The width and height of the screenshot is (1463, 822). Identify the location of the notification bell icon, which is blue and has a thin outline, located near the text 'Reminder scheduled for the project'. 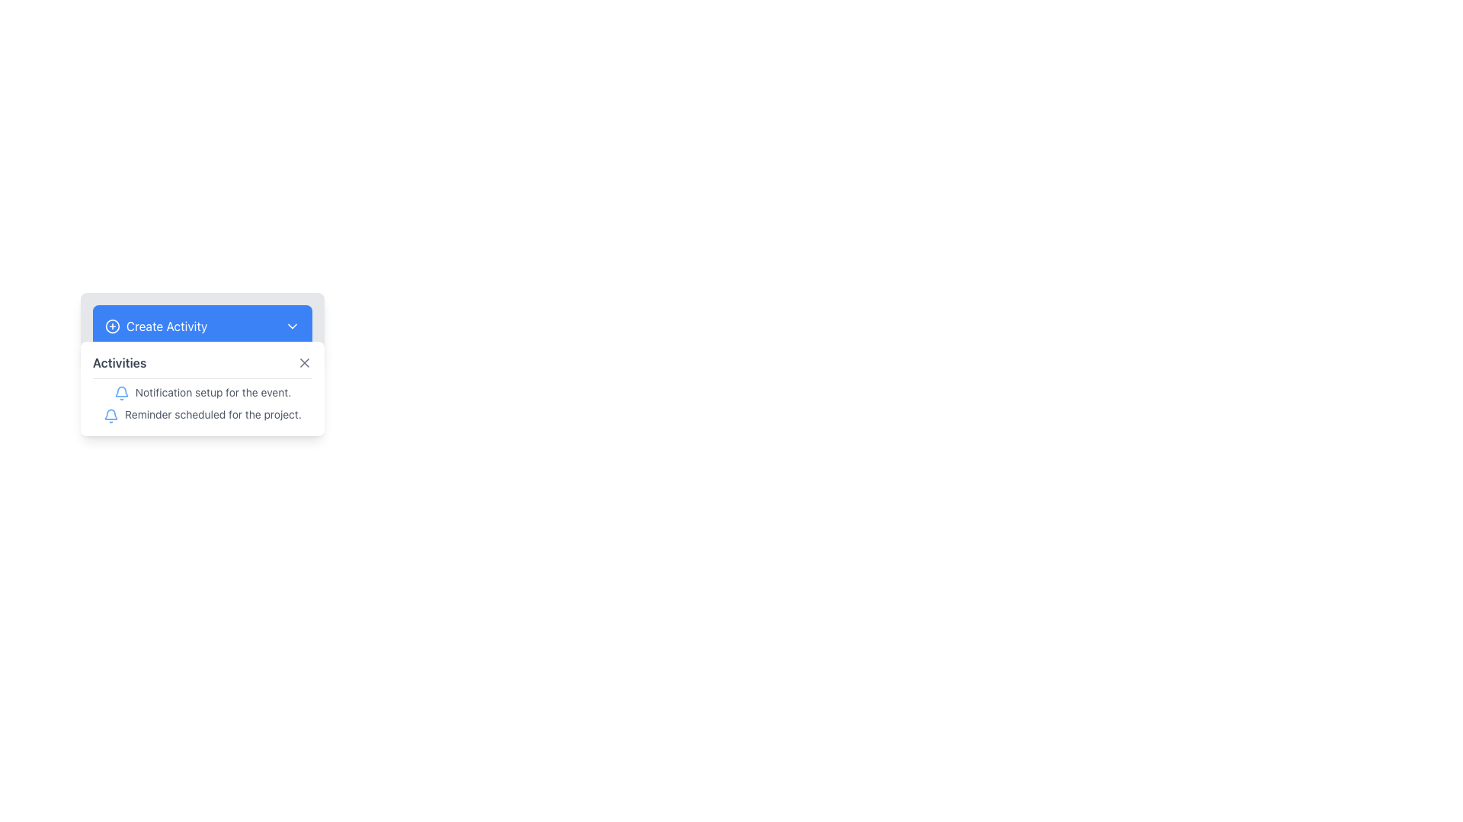
(110, 416).